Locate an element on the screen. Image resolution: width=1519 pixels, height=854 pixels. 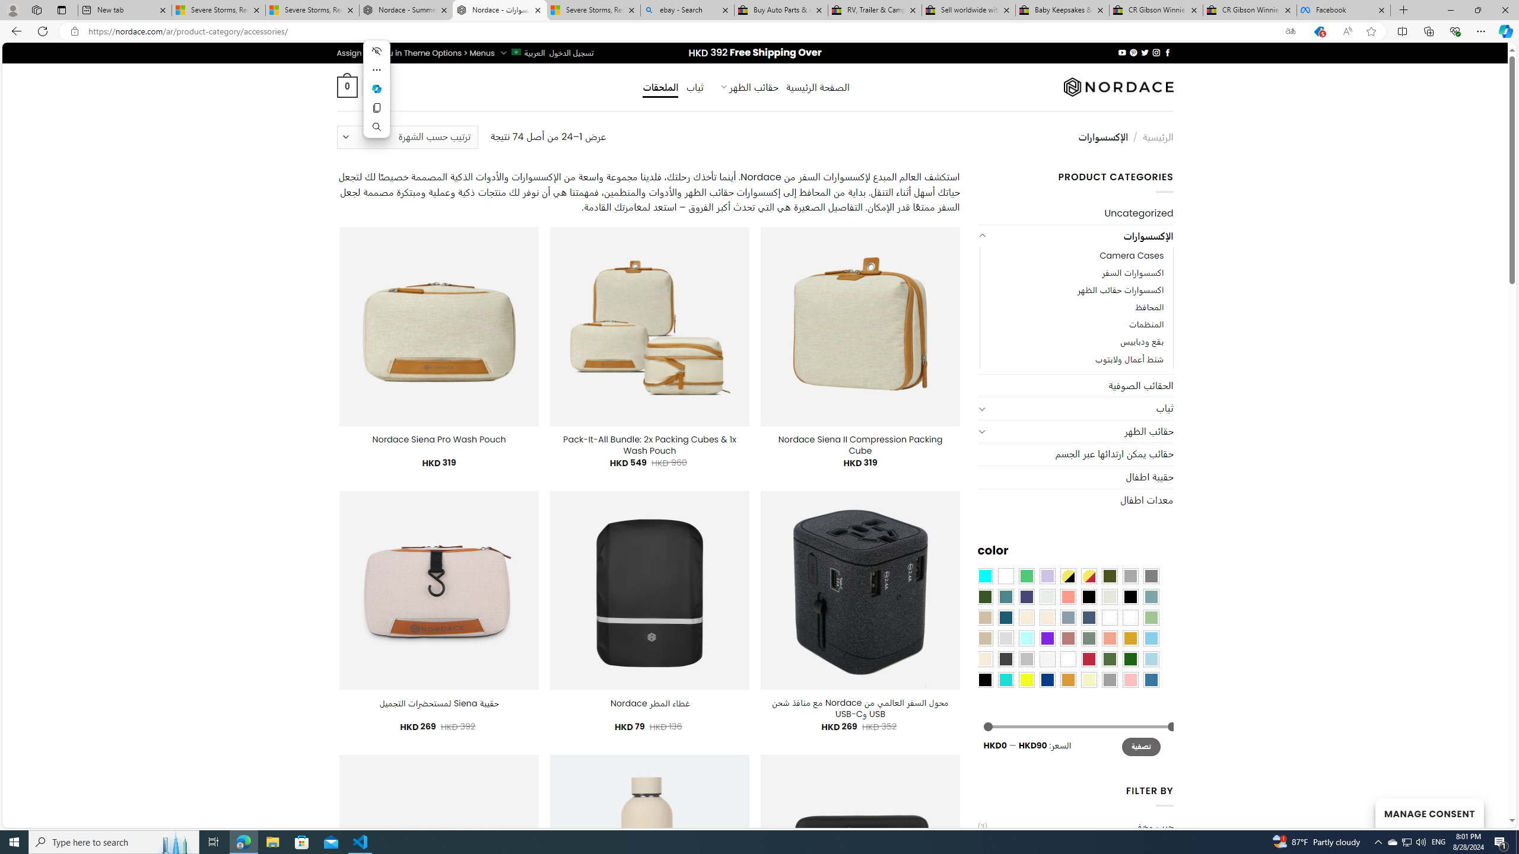
'Blue Sage' is located at coordinates (1151, 597).